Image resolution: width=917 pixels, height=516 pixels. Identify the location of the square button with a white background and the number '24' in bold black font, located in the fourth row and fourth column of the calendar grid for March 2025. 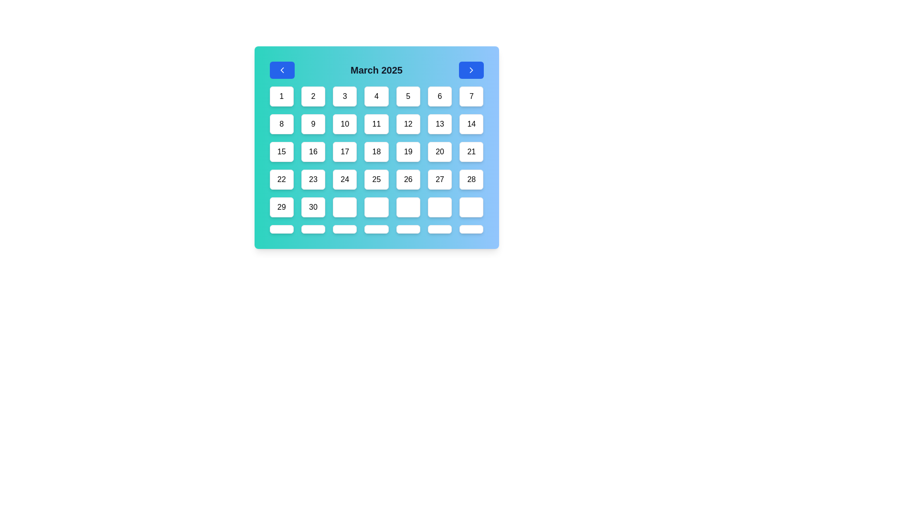
(344, 179).